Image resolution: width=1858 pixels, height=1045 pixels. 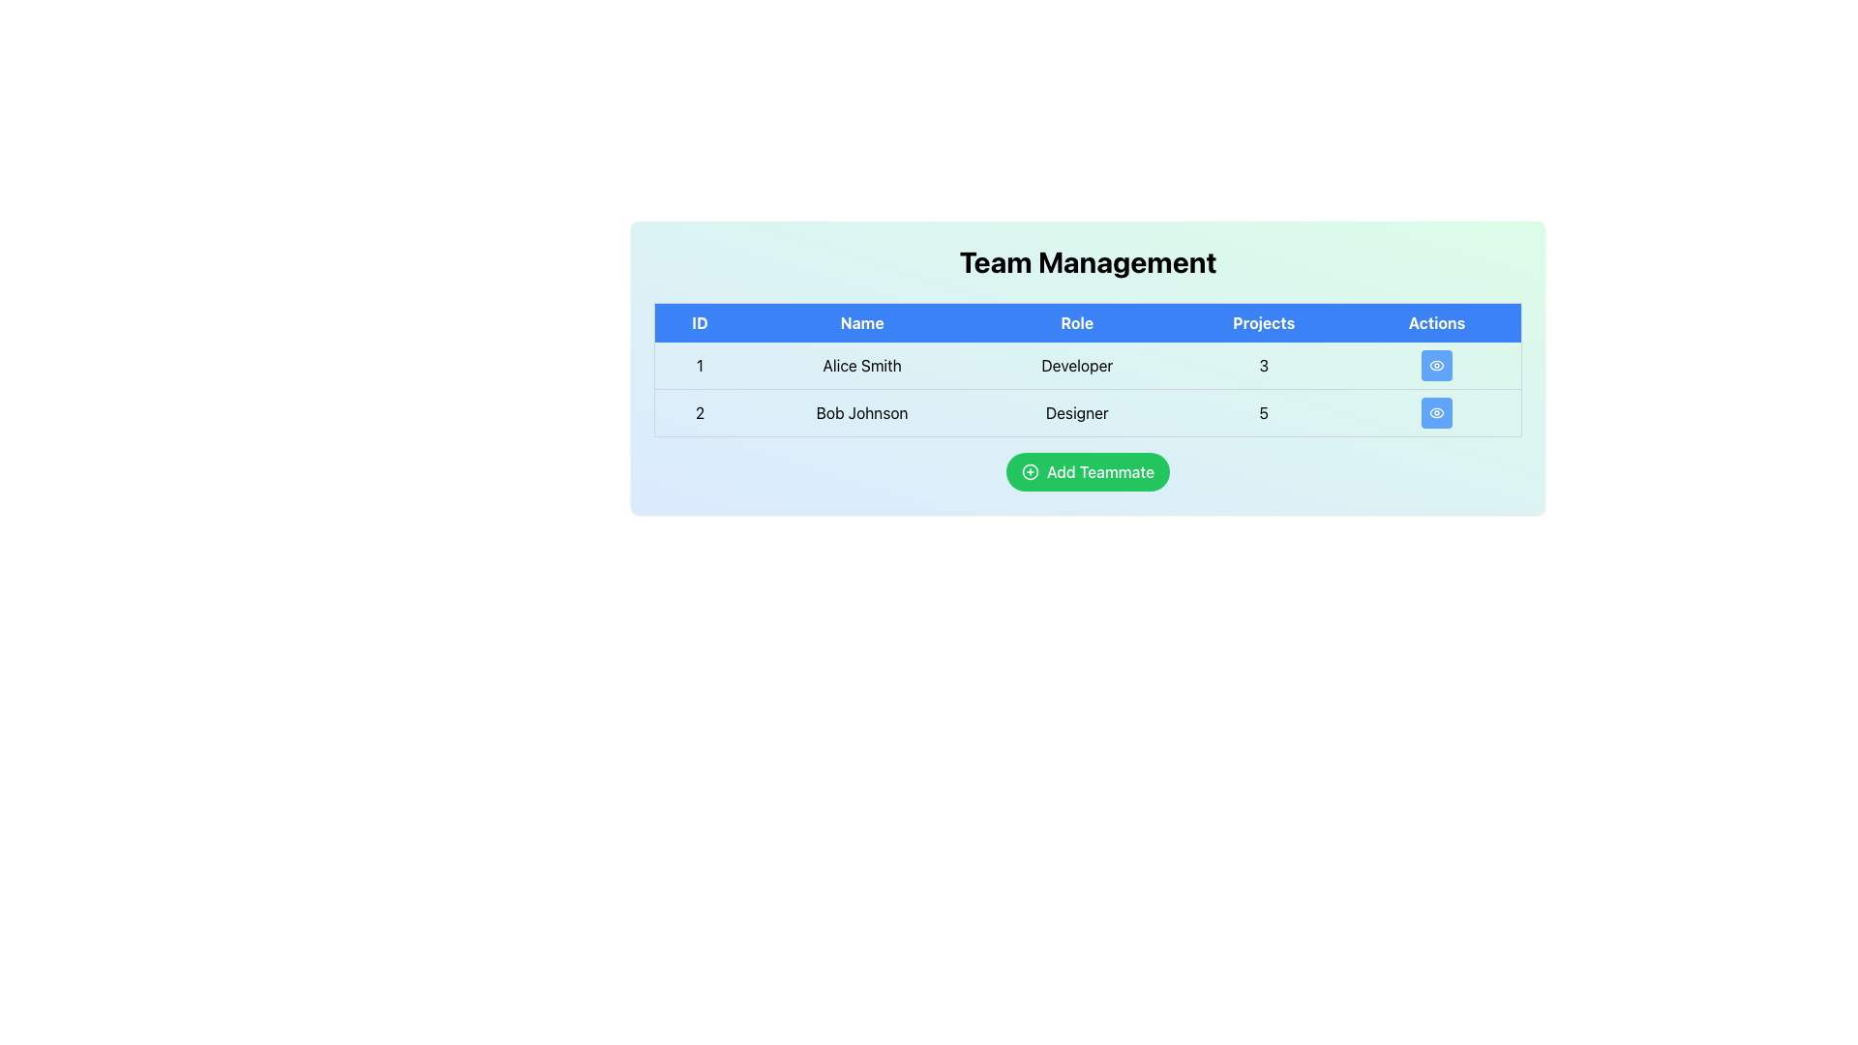 What do you see at coordinates (861, 412) in the screenshot?
I see `the cell displaying the name 'Bob Johnson' located in the second row of the table under the 'Name' column` at bounding box center [861, 412].